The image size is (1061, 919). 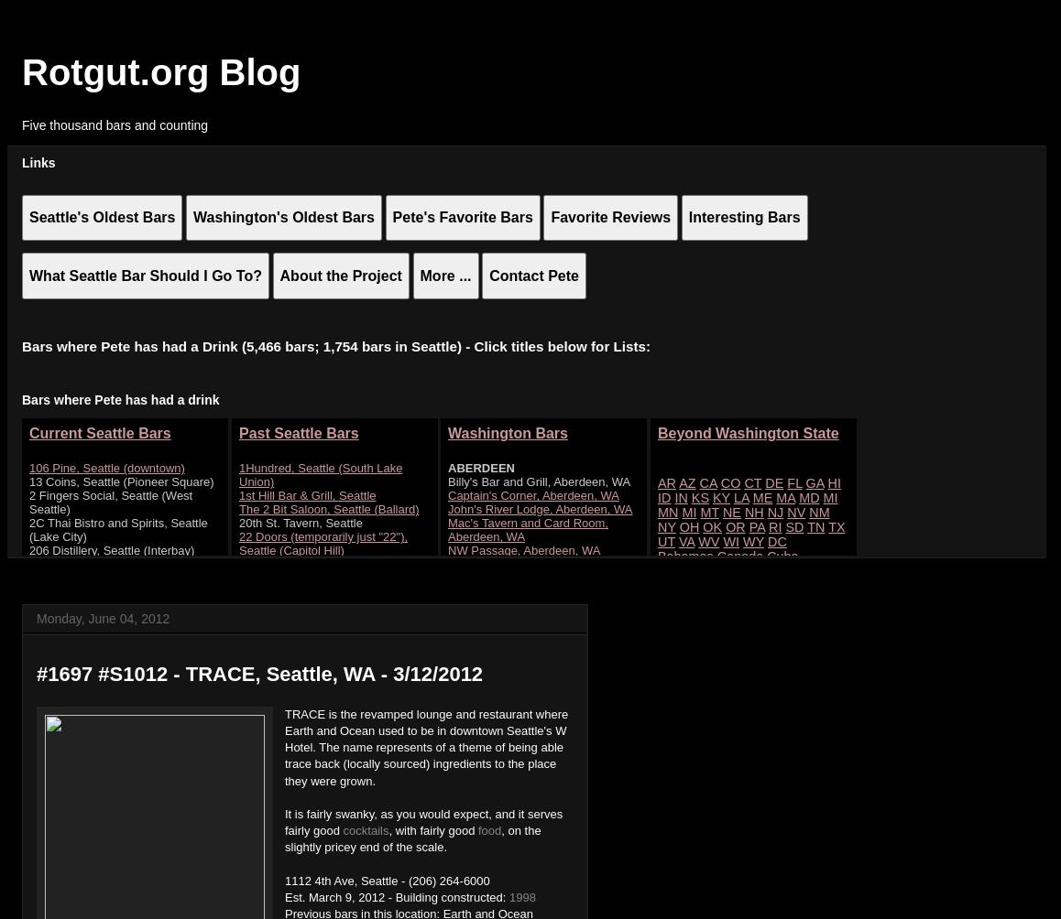 I want to click on 'Five thousand bars and counting', so click(x=20, y=124).